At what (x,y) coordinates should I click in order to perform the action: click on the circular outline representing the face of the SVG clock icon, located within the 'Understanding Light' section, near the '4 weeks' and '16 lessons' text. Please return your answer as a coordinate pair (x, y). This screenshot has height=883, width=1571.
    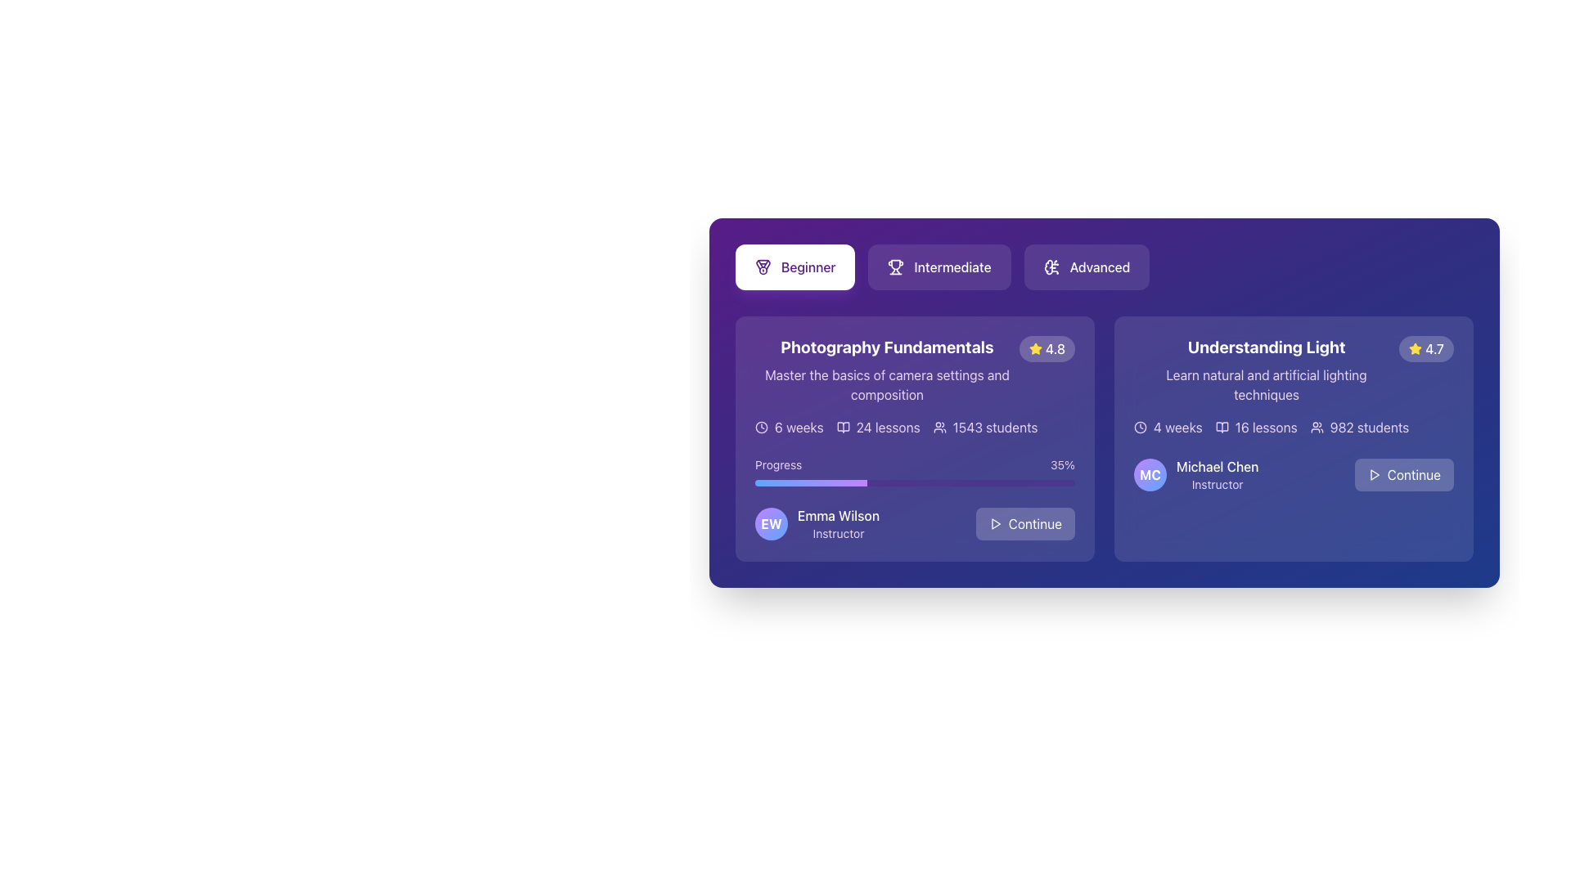
    Looking at the image, I should click on (1139, 427).